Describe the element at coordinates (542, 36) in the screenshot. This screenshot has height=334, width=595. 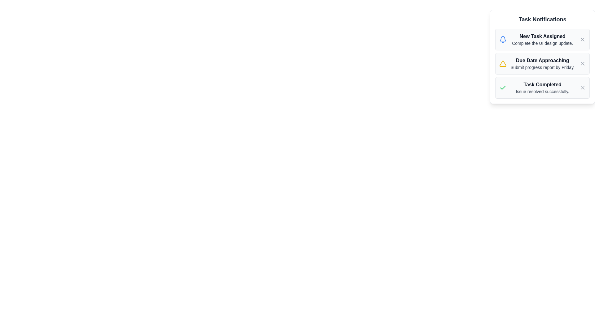
I see `the text label that serves as the title for the task notification, which is located at the top of the notification panel on the right side of the interface` at that location.